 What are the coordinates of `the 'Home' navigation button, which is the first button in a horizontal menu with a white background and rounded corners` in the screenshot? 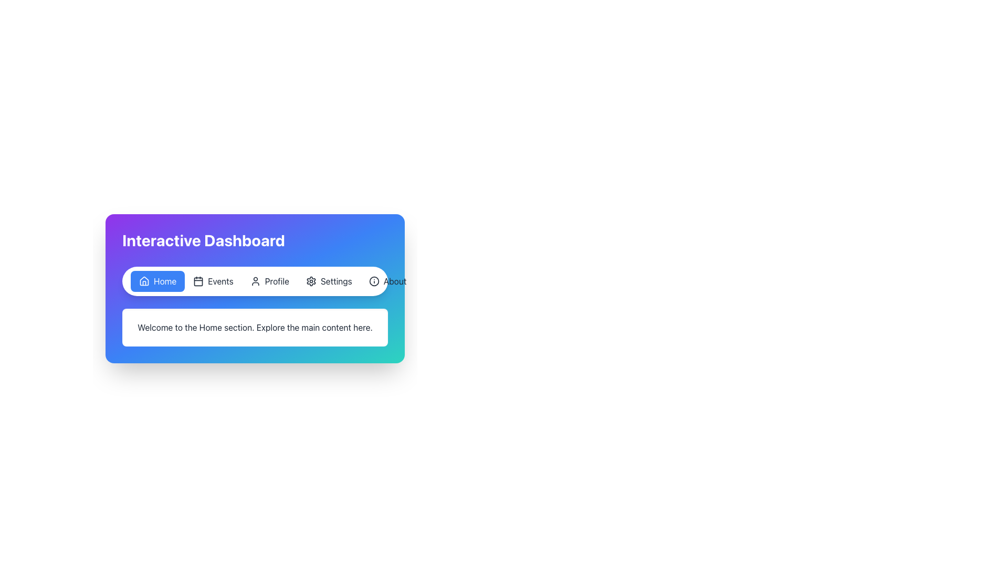 It's located at (157, 281).